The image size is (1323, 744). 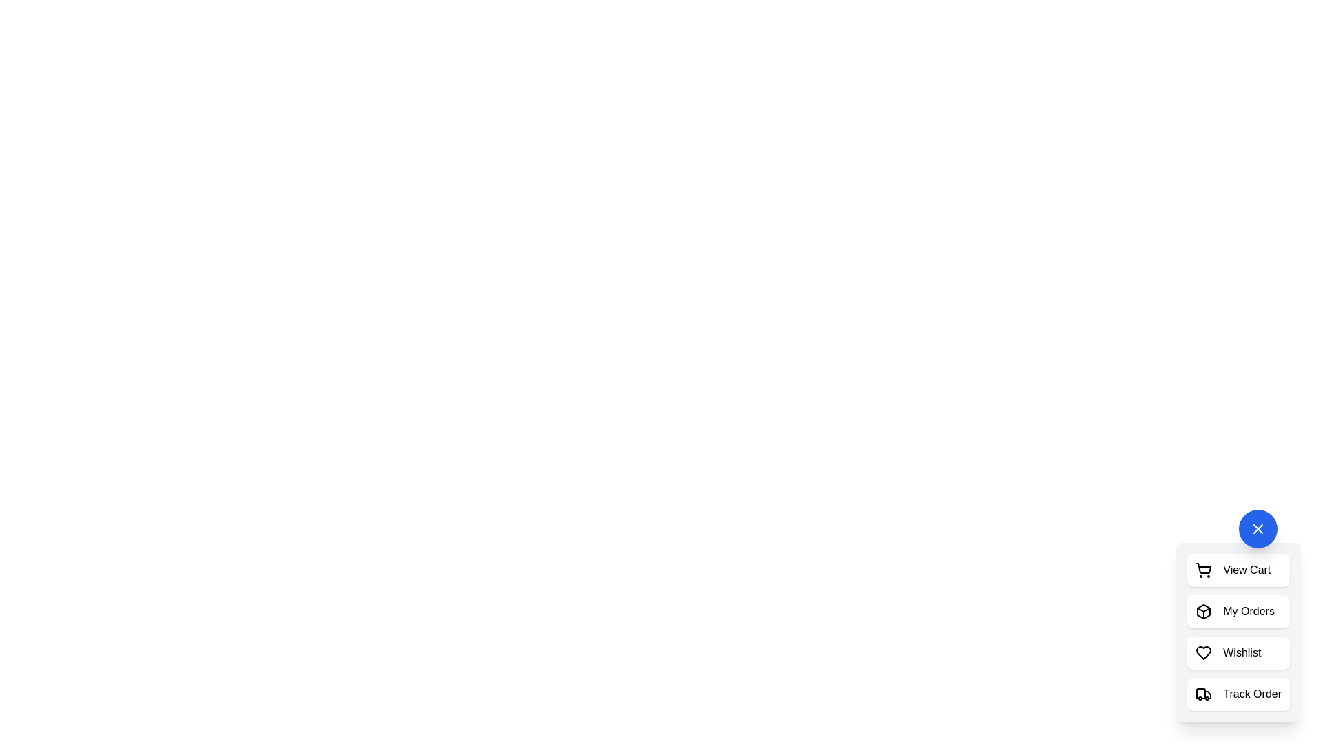 What do you see at coordinates (1238, 652) in the screenshot?
I see `the 'Wishlist' button` at bounding box center [1238, 652].